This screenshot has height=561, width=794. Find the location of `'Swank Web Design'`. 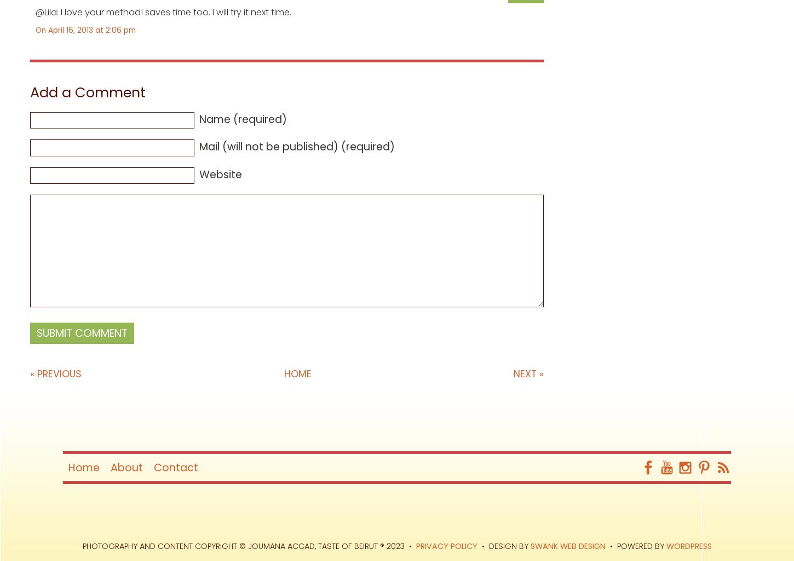

'Swank Web Design' is located at coordinates (567, 546).